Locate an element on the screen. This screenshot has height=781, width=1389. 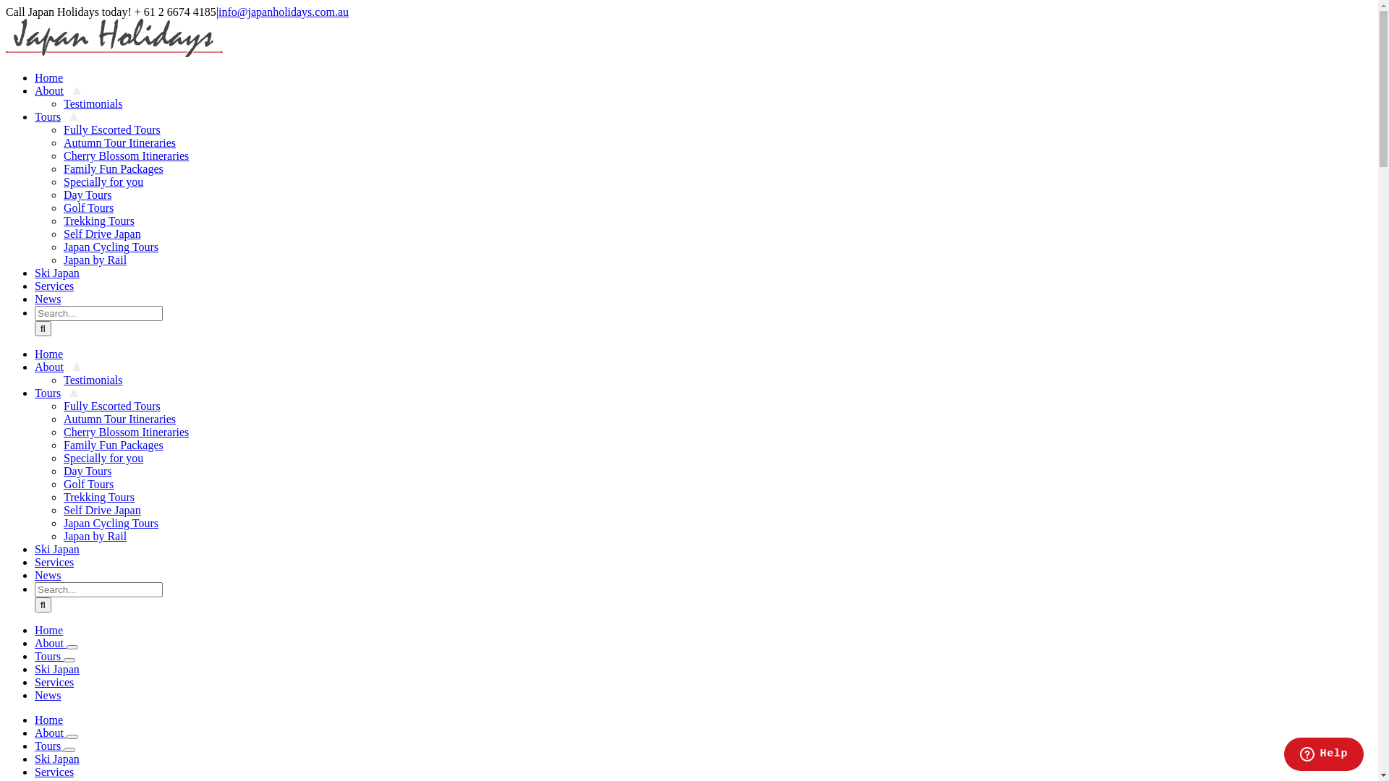
'Testimonials' is located at coordinates (62, 103).